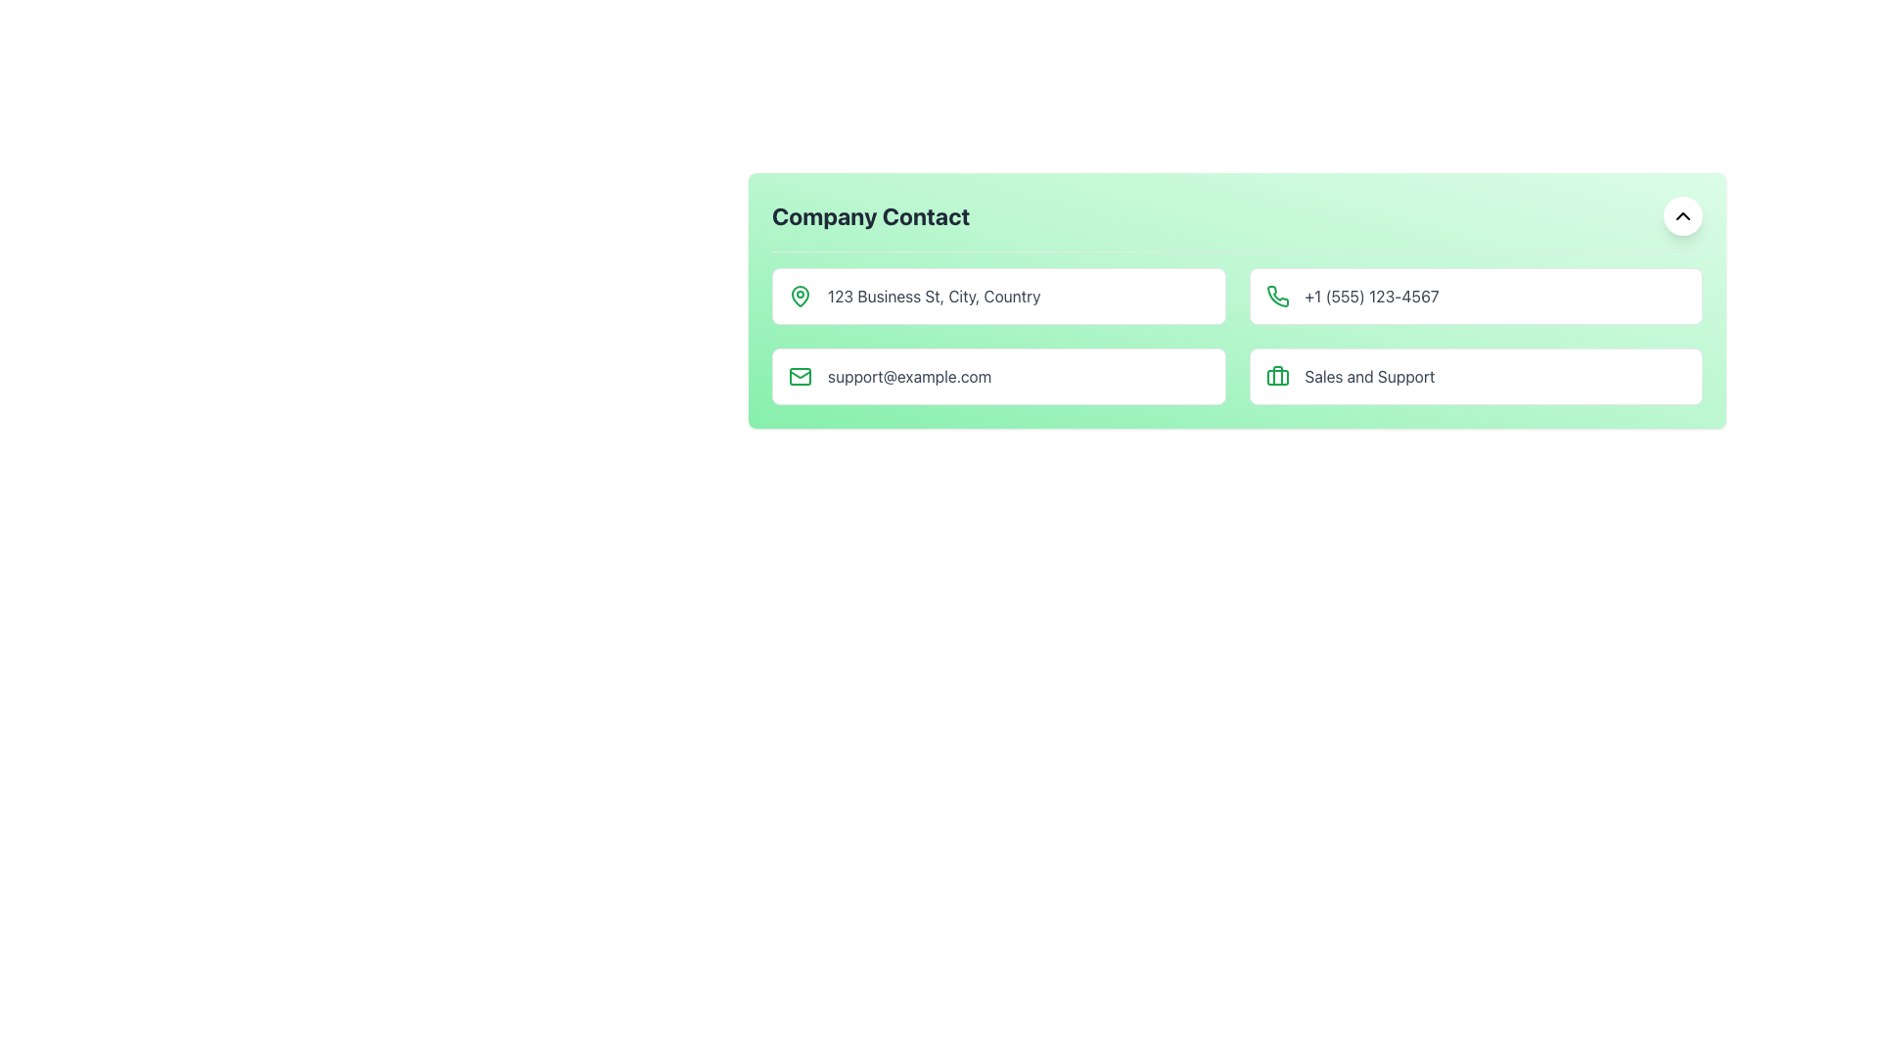 This screenshot has width=1879, height=1057. What do you see at coordinates (933, 297) in the screenshot?
I see `the Text Label displaying the address of the business located in the 'Company Contact' section, which is positioned to the right of the green map pin icon` at bounding box center [933, 297].